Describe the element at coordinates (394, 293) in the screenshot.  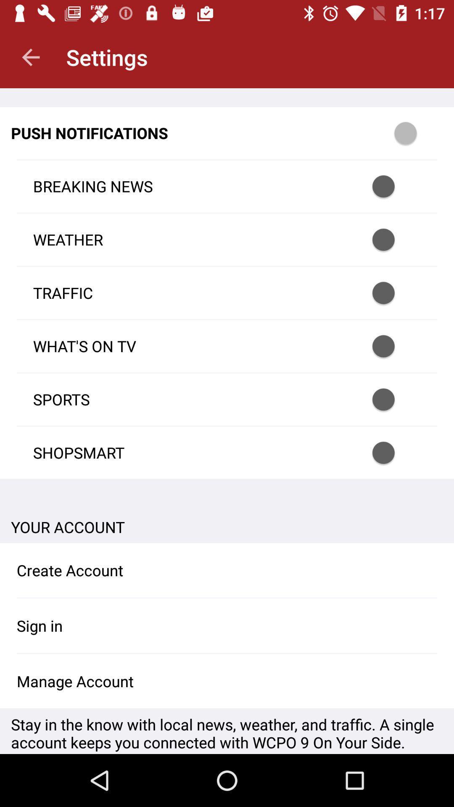
I see `traffic notifications` at that location.